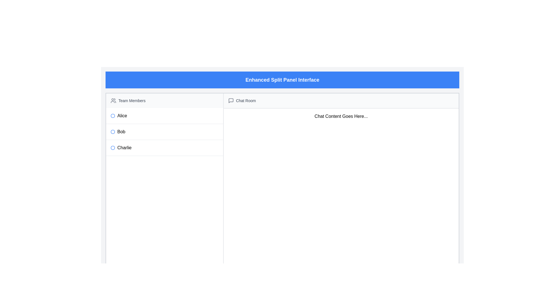 The width and height of the screenshot is (539, 303). I want to click on the second radio button for 'Bob' in the Team Members section, so click(113, 132).